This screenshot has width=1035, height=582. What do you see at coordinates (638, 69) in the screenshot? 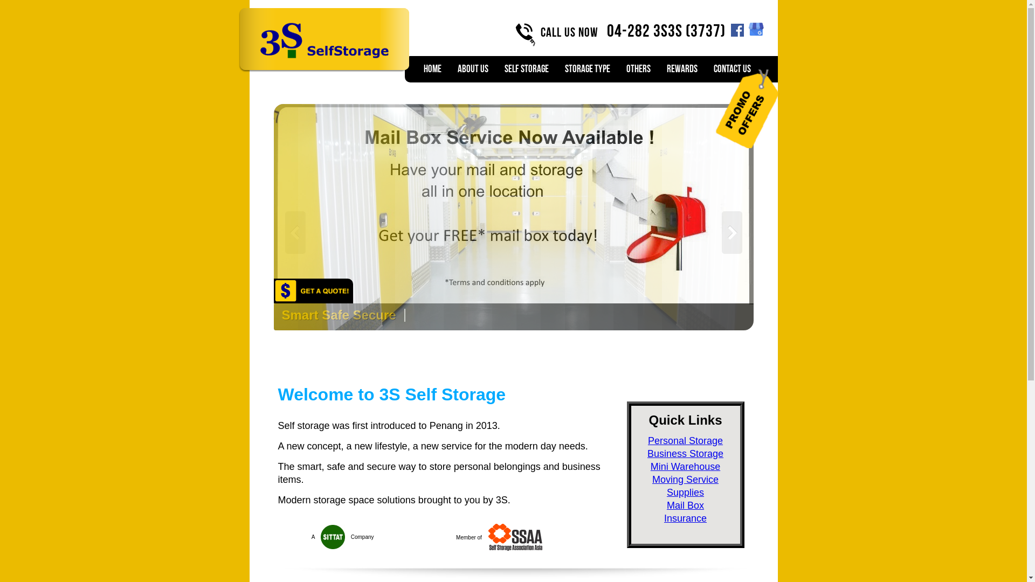
I see `'OTHERS'` at bounding box center [638, 69].